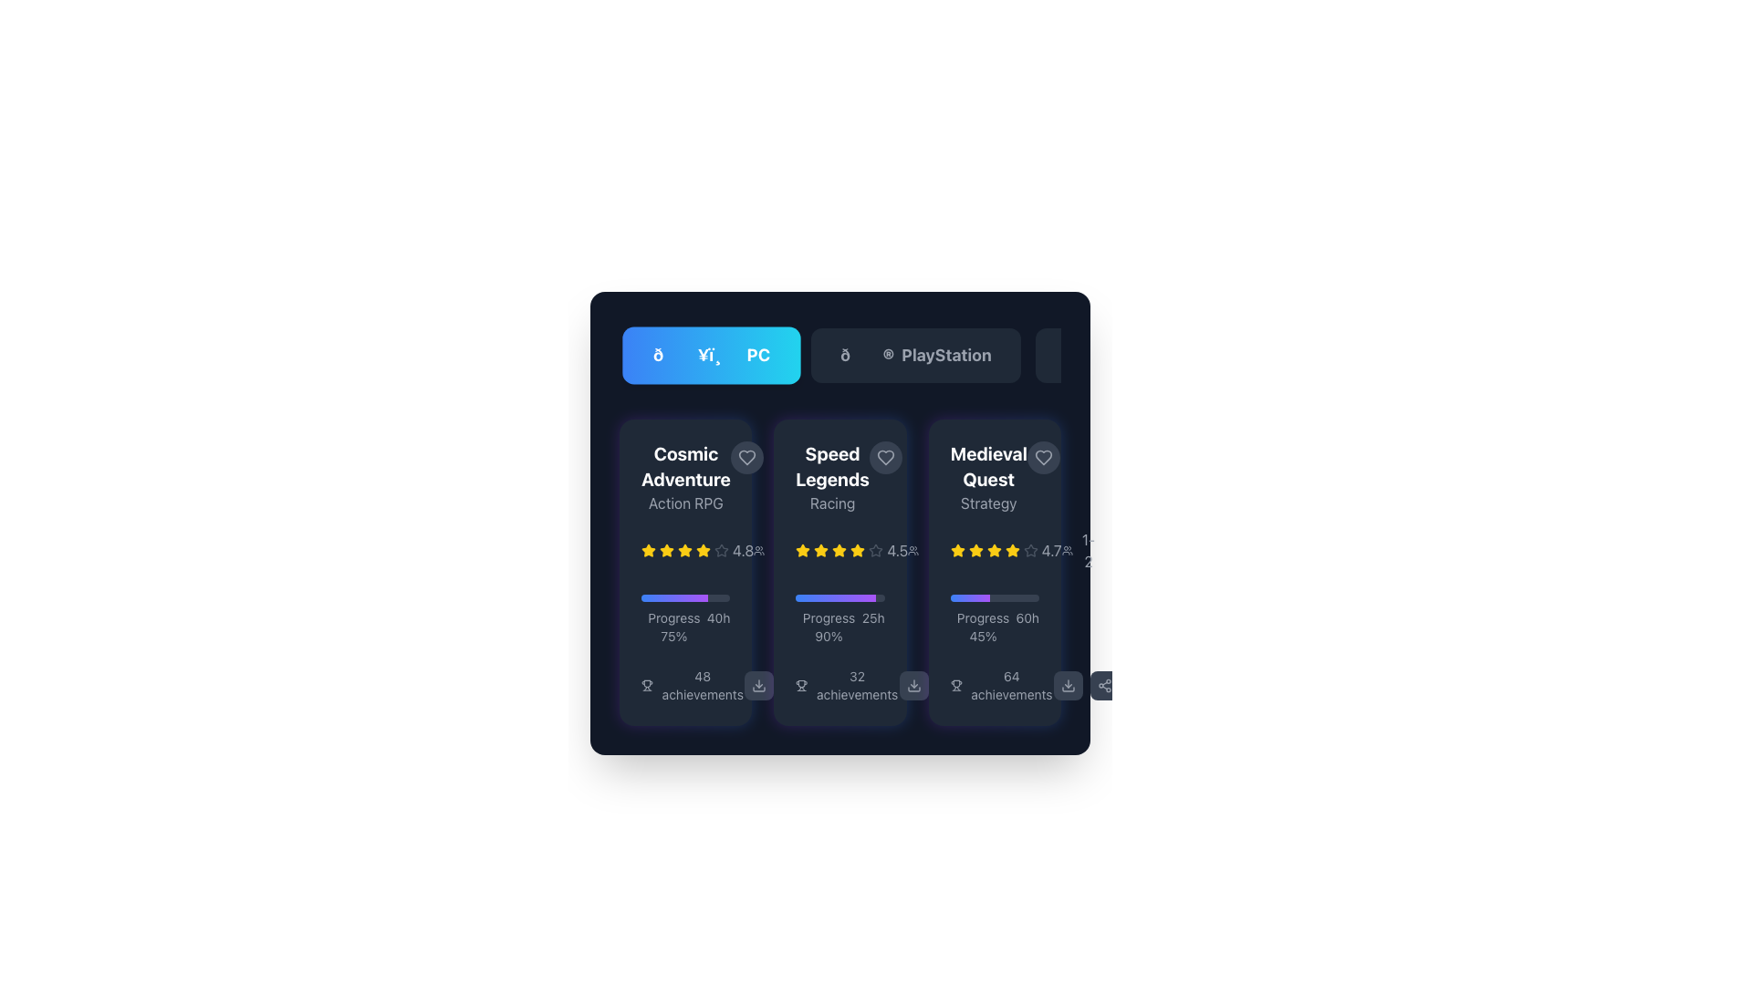  What do you see at coordinates (913, 686) in the screenshot?
I see `the download button located at the bottom of the second content card, which is positioned to the left of the share button` at bounding box center [913, 686].